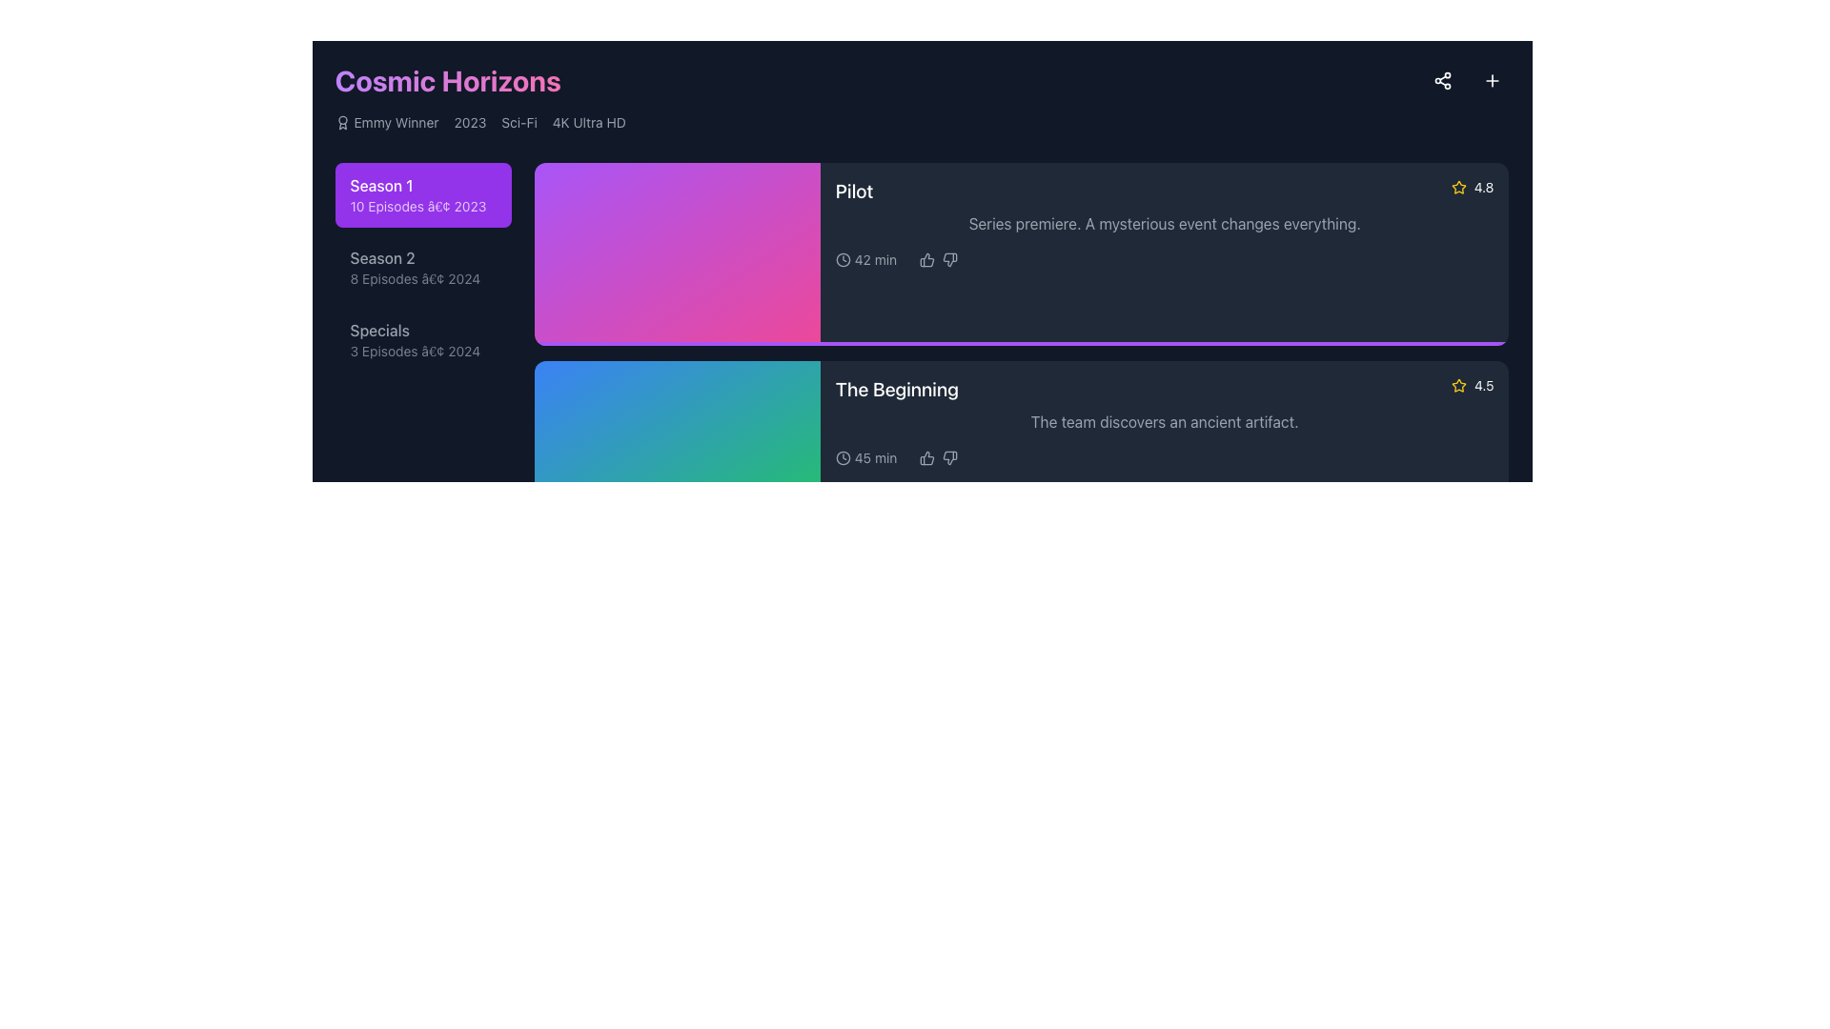  I want to click on the 'Pilot' text label, which is displayed in a bold and large-sized font on a dark background at the top-left corner of the episode information card, so click(853, 191).